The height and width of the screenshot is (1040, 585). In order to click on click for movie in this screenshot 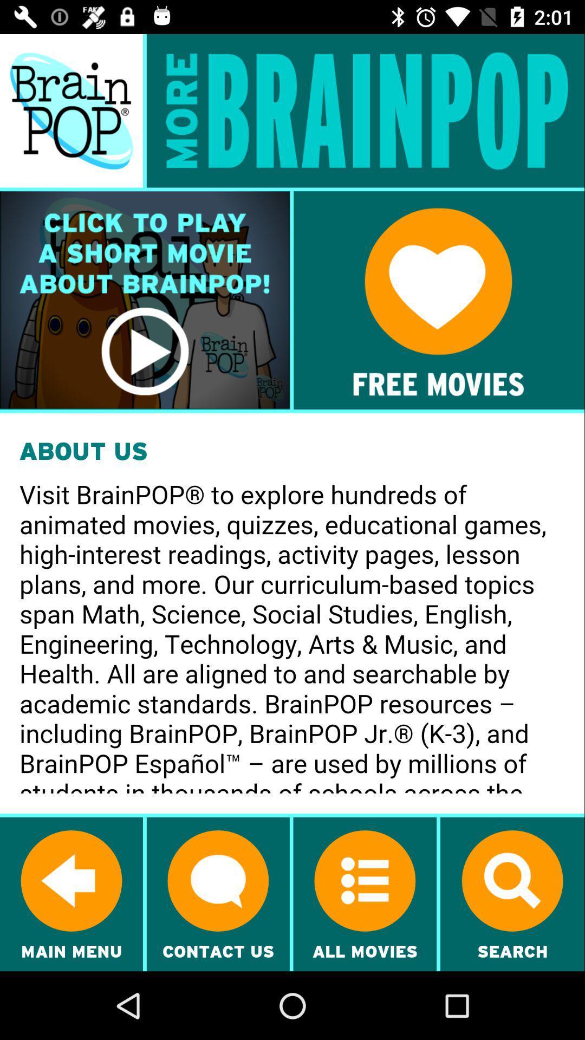, I will do `click(144, 300)`.